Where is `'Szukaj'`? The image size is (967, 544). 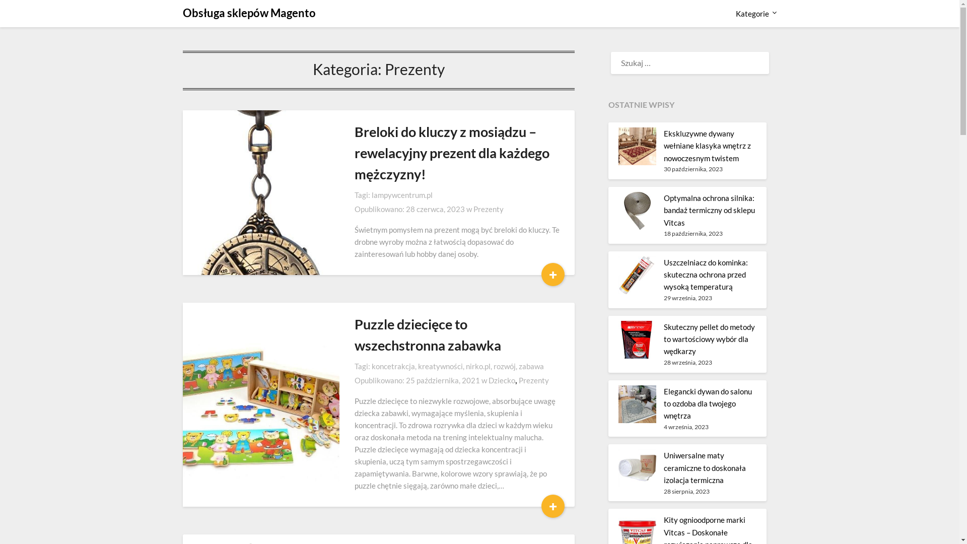
'Szukaj' is located at coordinates (24, 15).